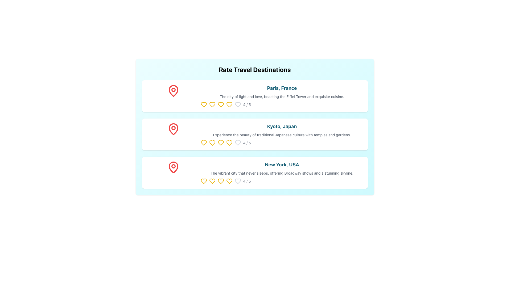  What do you see at coordinates (282, 96) in the screenshot?
I see `the Informational Card about Paris, France, which is the first in a vertical list of travel destination cards on the left side of the interface` at bounding box center [282, 96].